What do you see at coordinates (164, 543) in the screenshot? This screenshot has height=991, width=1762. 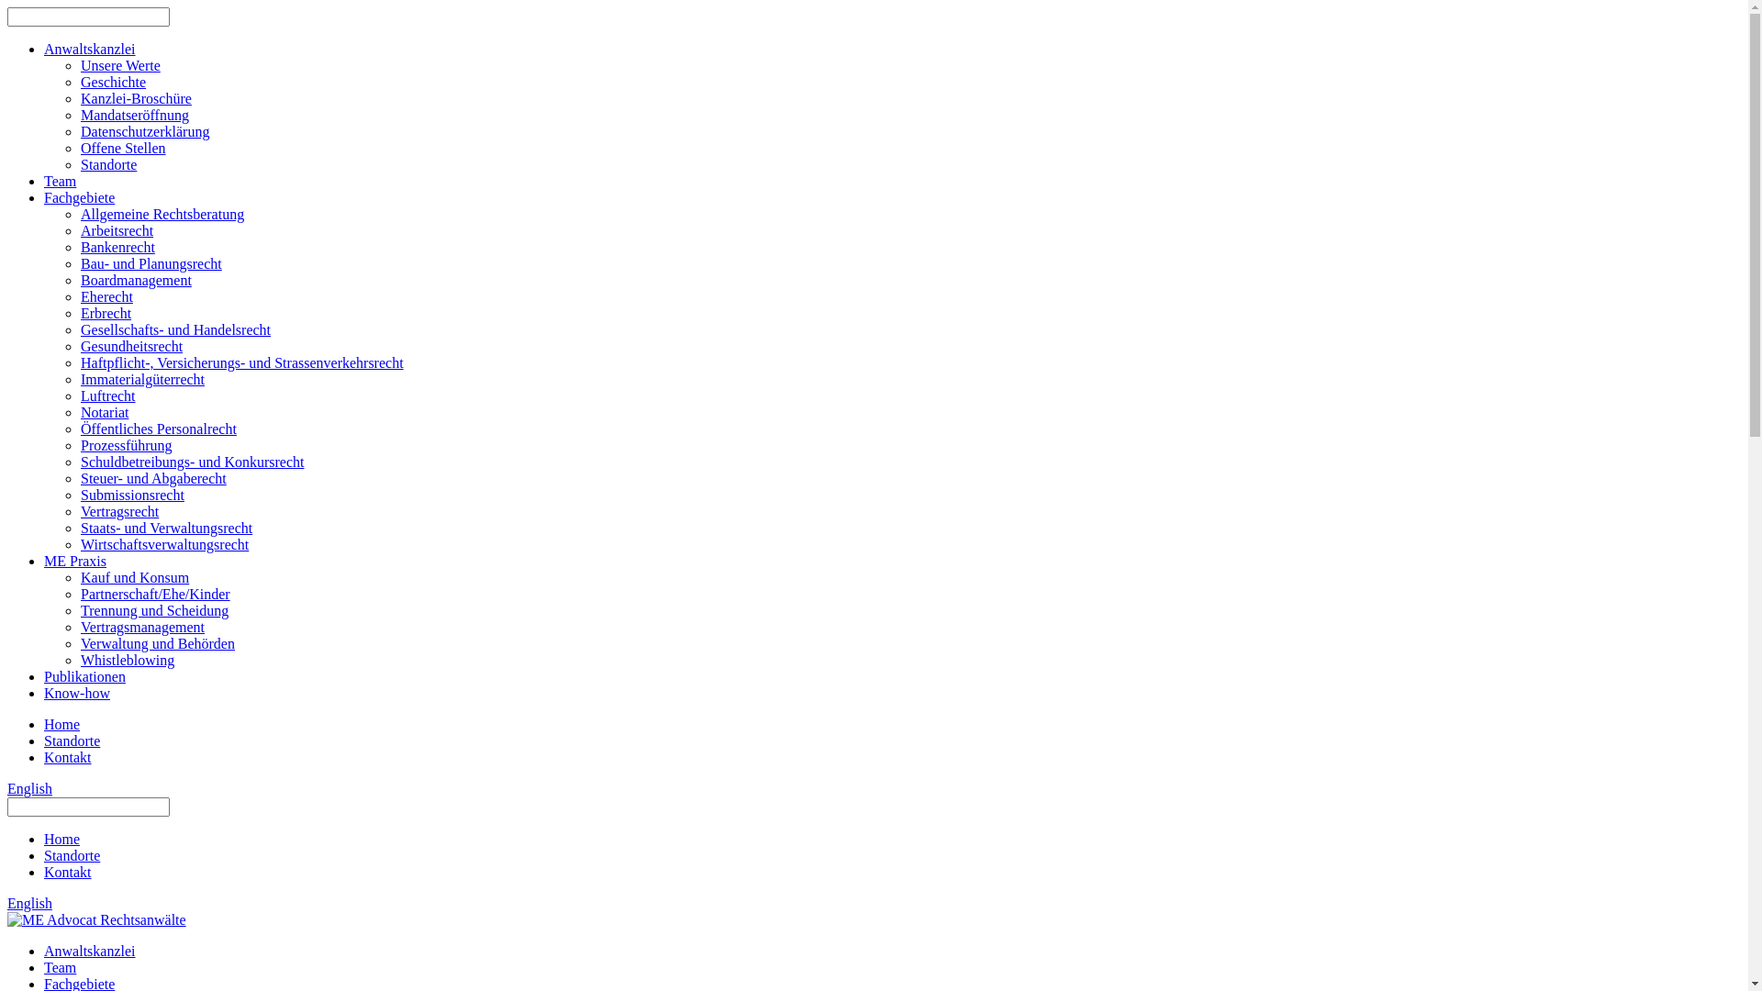 I see `'Wirtschaftsverwaltungsrecht'` at bounding box center [164, 543].